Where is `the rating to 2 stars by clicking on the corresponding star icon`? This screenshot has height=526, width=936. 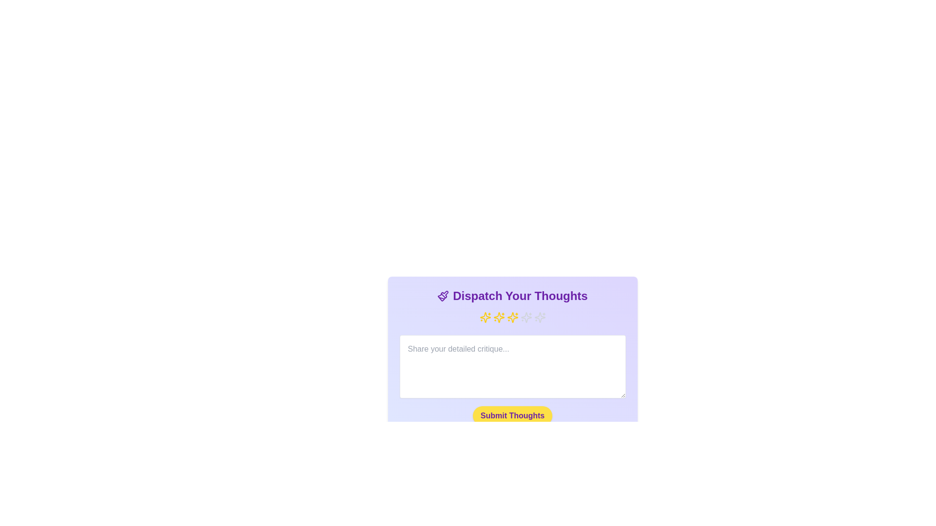
the rating to 2 stars by clicking on the corresponding star icon is located at coordinates (499, 317).